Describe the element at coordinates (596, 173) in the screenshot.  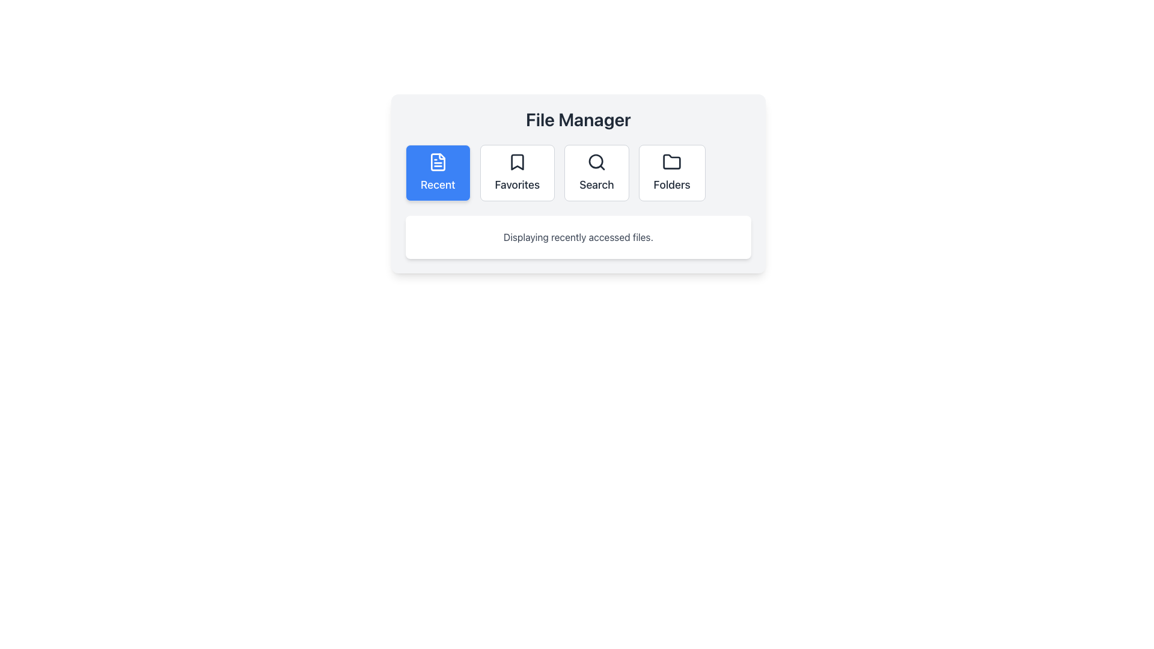
I see `the 'Search' button, which is a rectangular button with rounded corners, a white background, a black magnifying glass icon, and gray text` at that location.